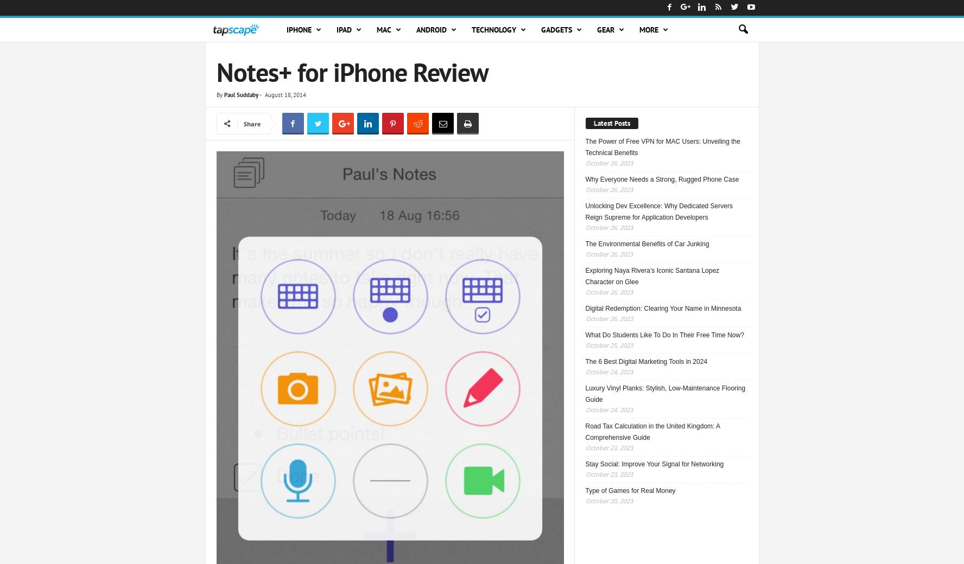 The height and width of the screenshot is (564, 964). Describe the element at coordinates (662, 146) in the screenshot. I see `'The Power of Free VPN for MAC Users: Unveiling the Technical Benefits'` at that location.